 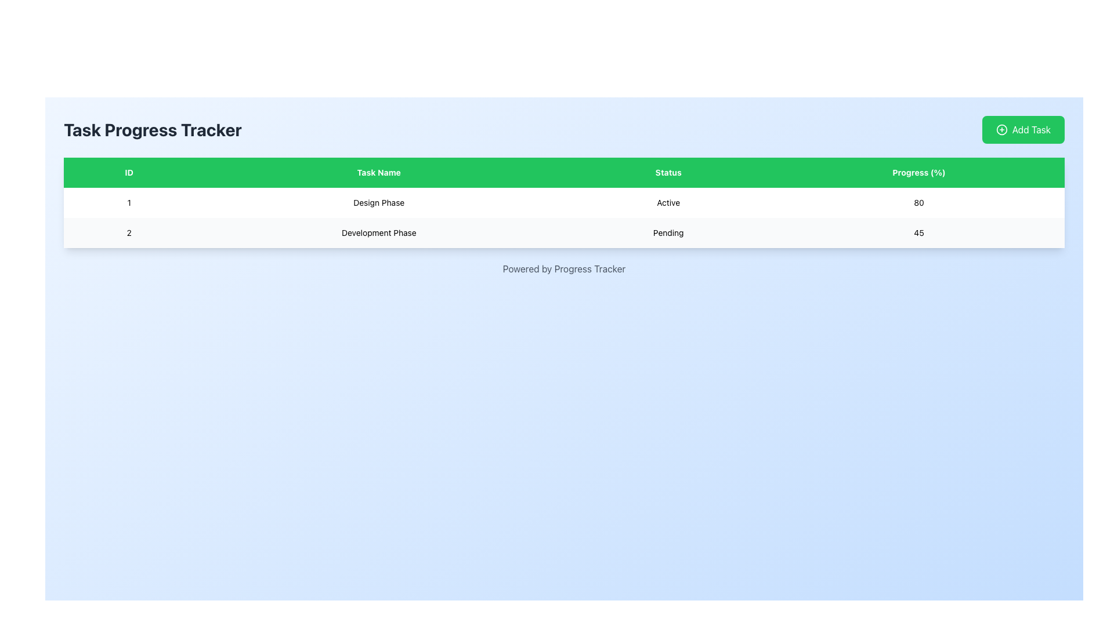 I want to click on the static text element displaying 'Pending' located in the second row under the 'Status' header of the table, so click(x=668, y=232).